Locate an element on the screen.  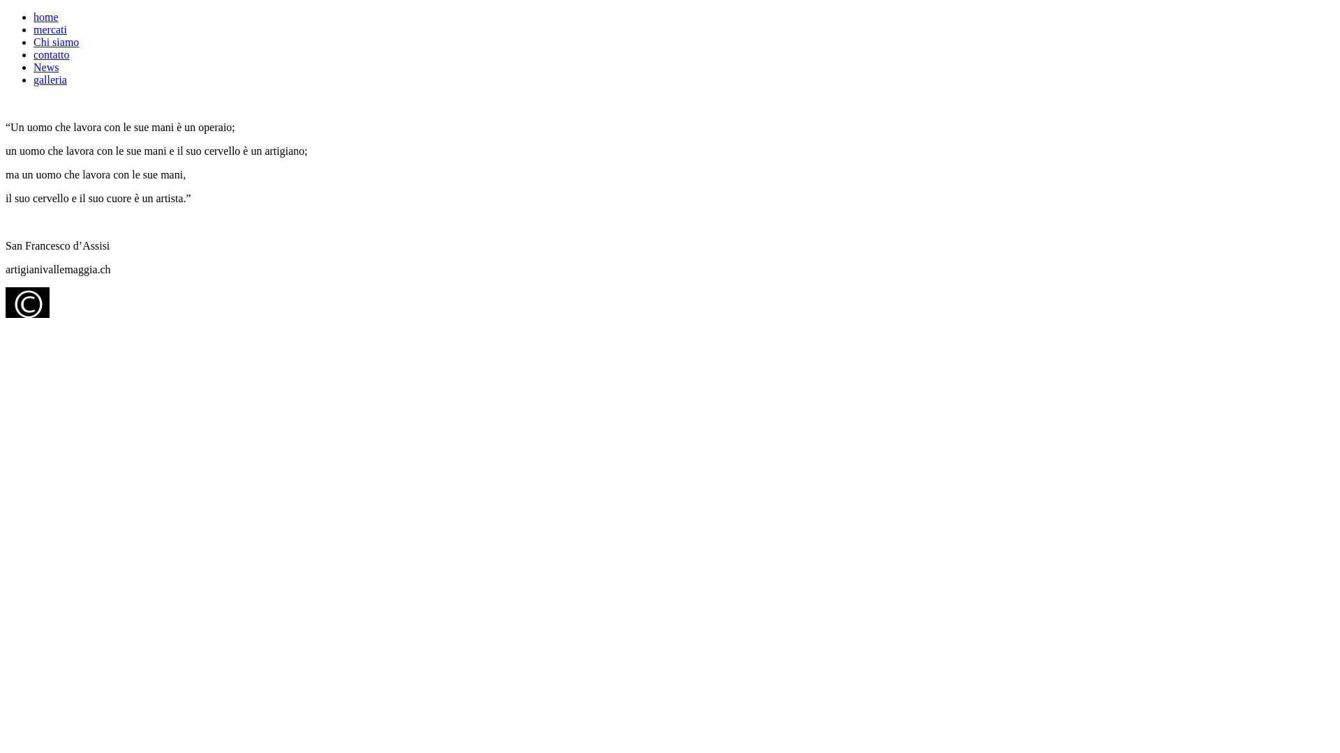
'Chi siamo' is located at coordinates (56, 41).